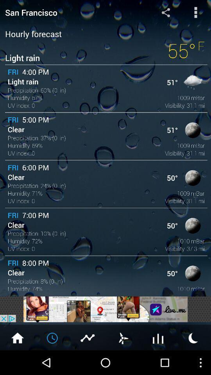 The image size is (211, 375). What do you see at coordinates (70, 12) in the screenshot?
I see `san francisco item` at bounding box center [70, 12].